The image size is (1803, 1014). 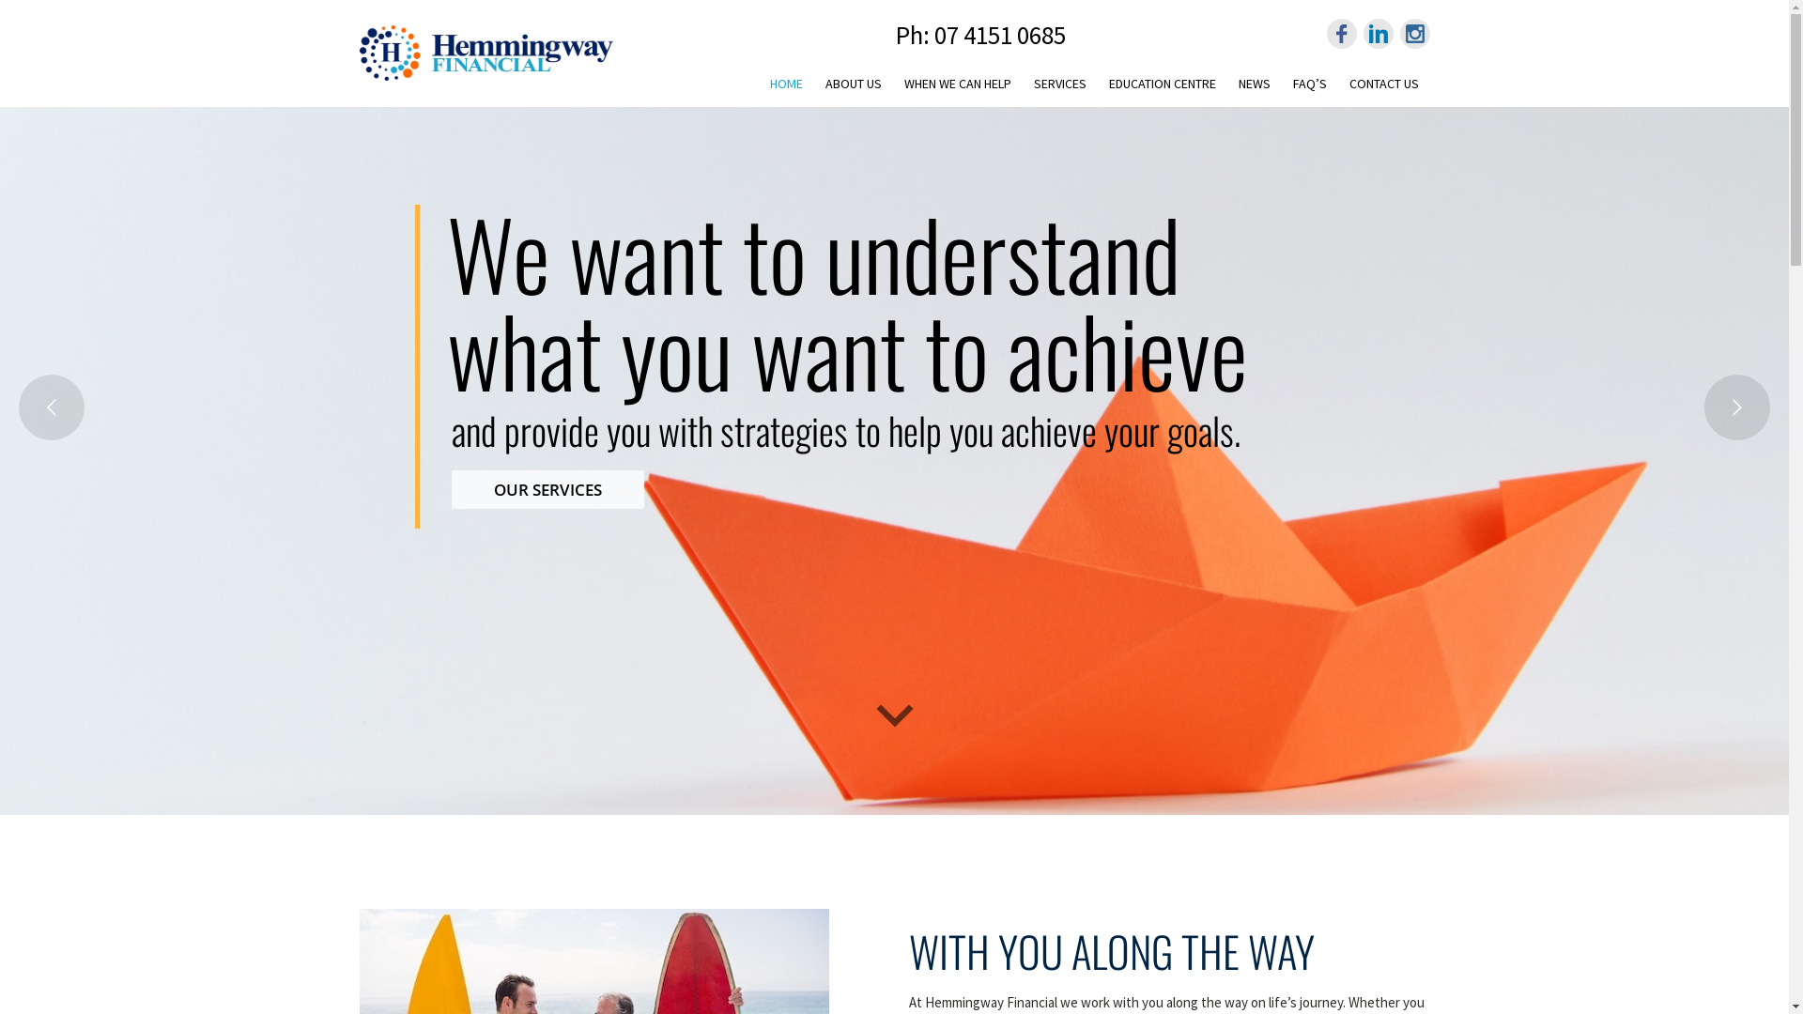 I want to click on 'EDUCATION CENTRE', so click(x=1161, y=79).